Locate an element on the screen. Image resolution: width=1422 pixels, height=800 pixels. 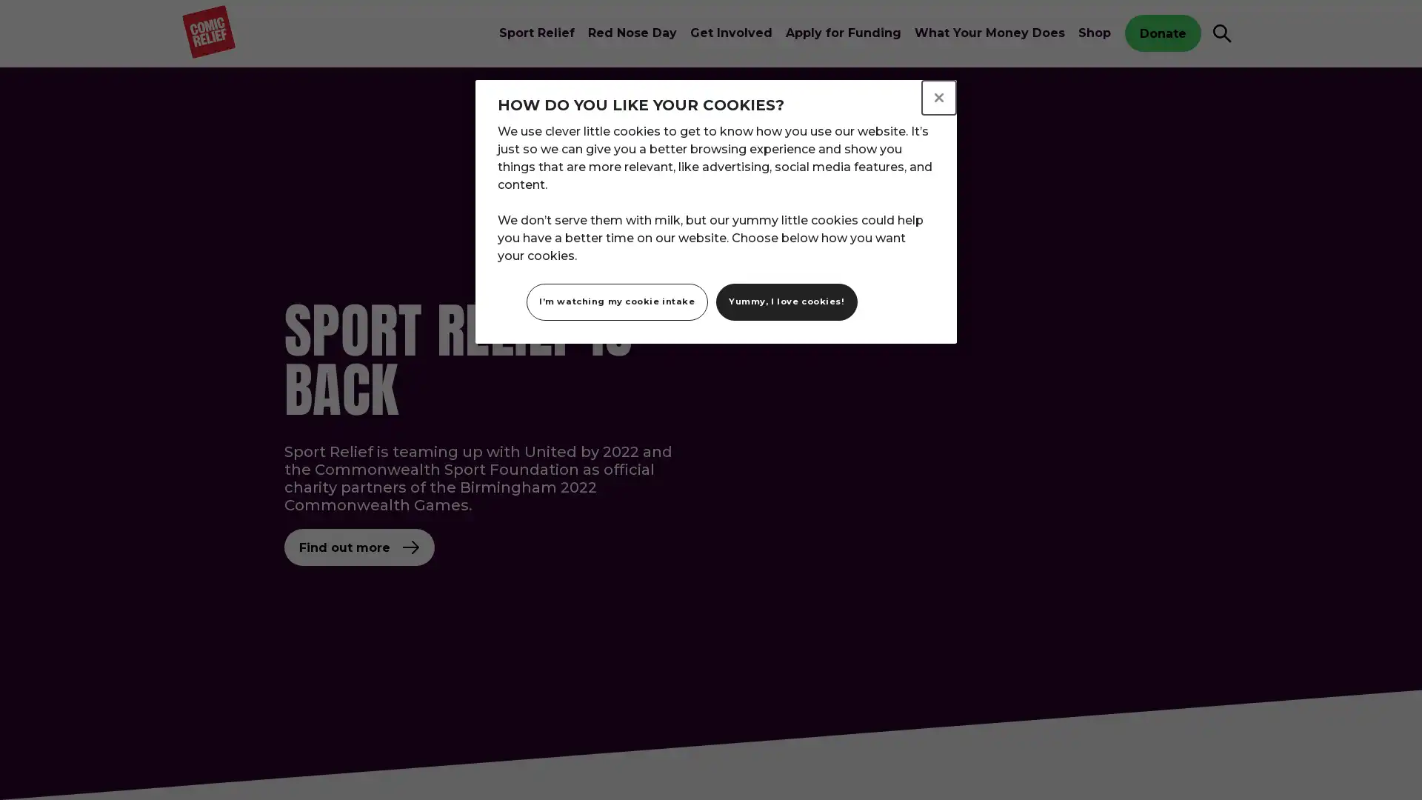
Shop (opens in new window) is located at coordinates (1095, 33).